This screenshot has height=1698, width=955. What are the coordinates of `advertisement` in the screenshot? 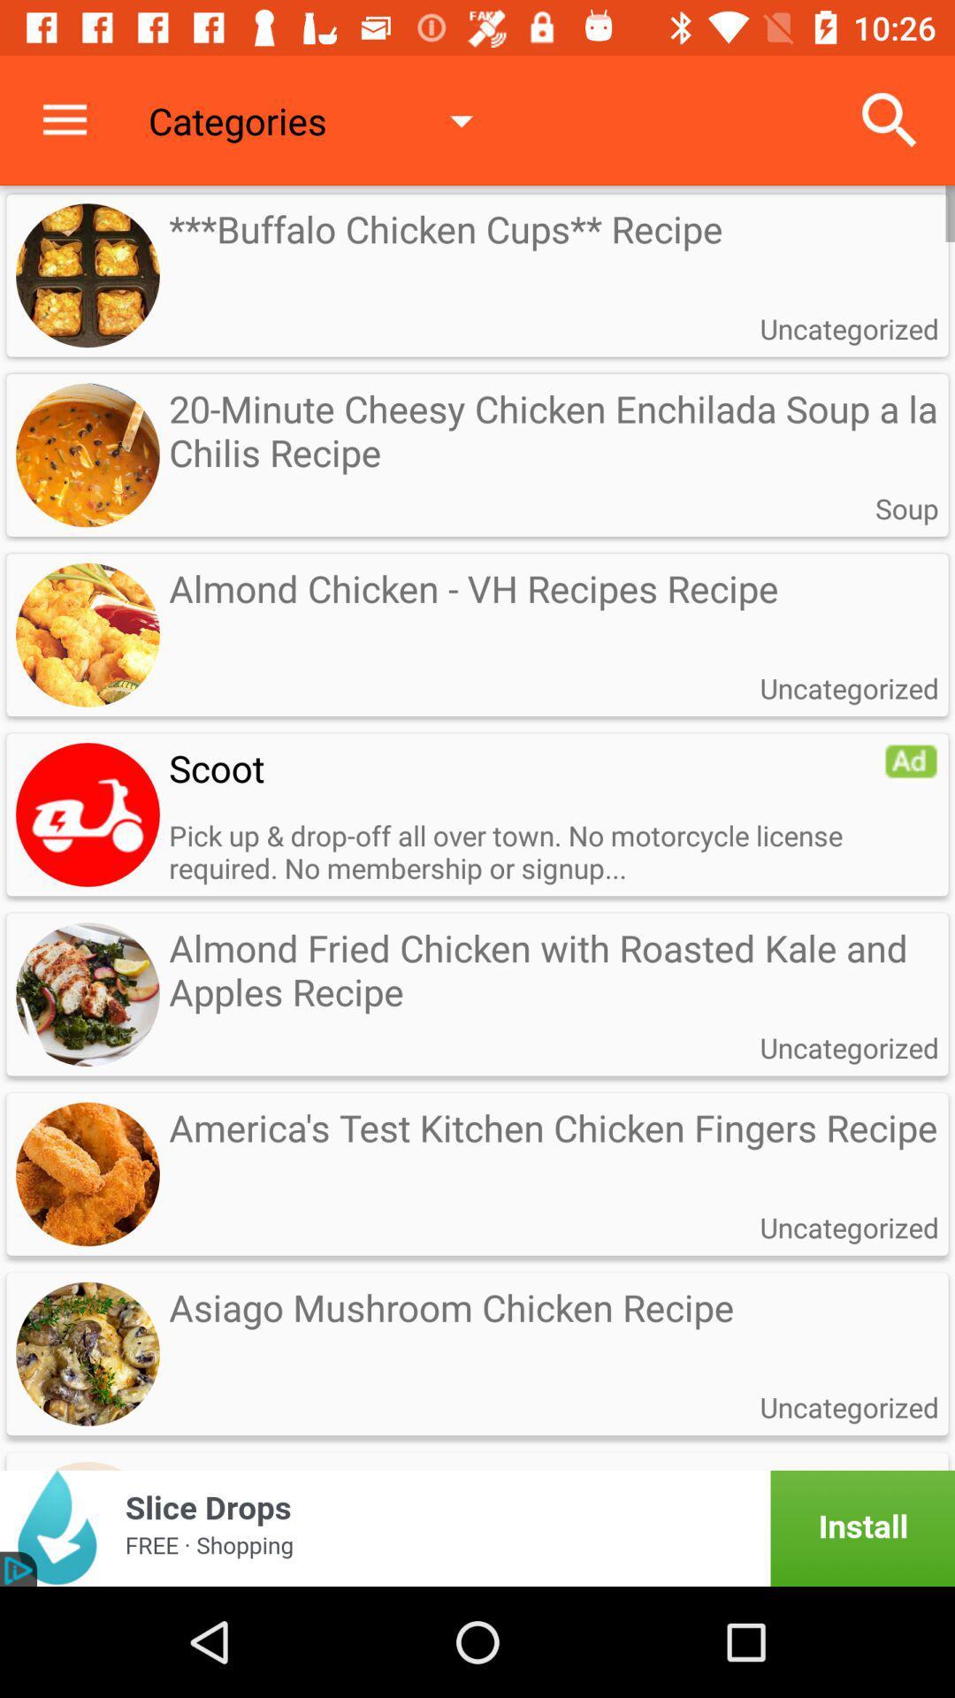 It's located at (477, 1527).